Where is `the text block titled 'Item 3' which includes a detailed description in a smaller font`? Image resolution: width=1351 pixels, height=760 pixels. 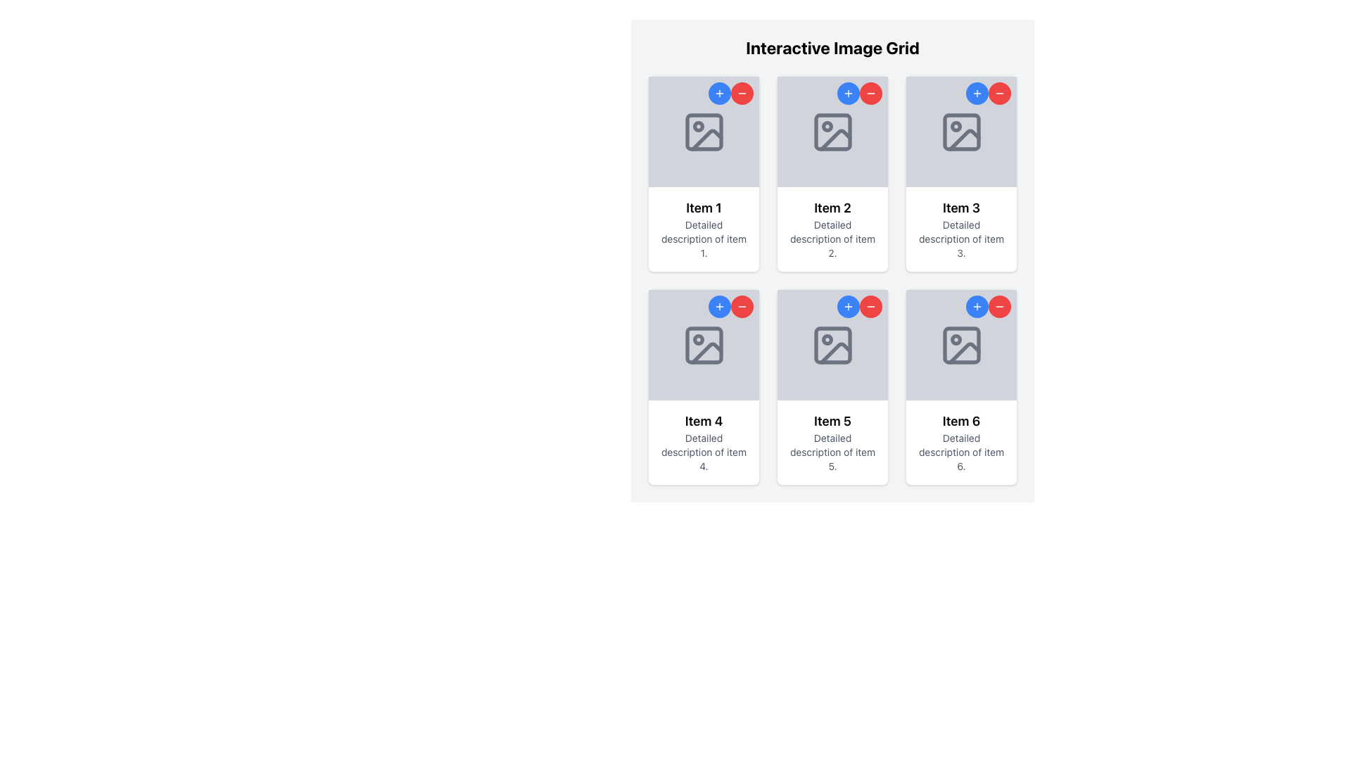
the text block titled 'Item 3' which includes a detailed description in a smaller font is located at coordinates (960, 229).